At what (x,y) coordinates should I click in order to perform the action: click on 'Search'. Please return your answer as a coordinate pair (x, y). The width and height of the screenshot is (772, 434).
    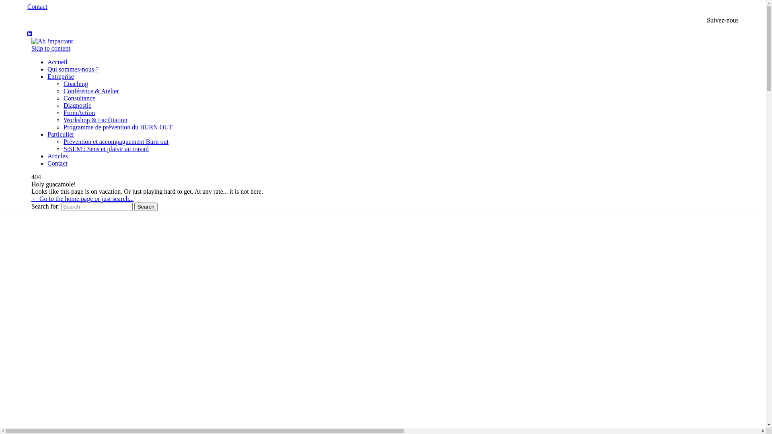
    Looking at the image, I should click on (134, 206).